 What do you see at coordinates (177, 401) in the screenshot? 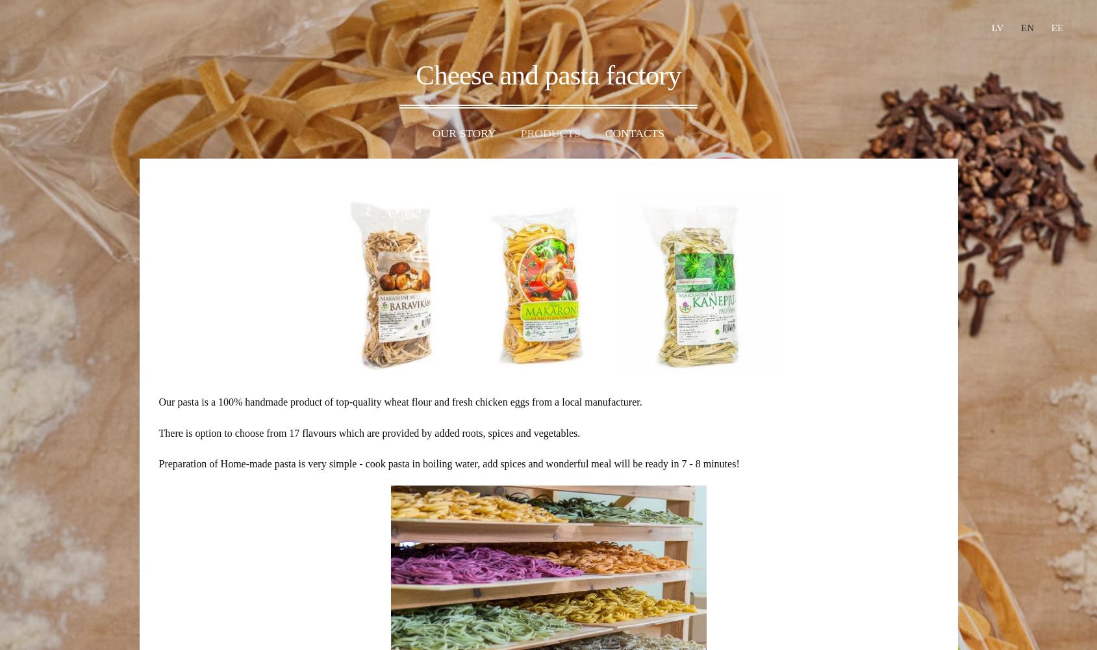
I see `'Our pasta'` at bounding box center [177, 401].